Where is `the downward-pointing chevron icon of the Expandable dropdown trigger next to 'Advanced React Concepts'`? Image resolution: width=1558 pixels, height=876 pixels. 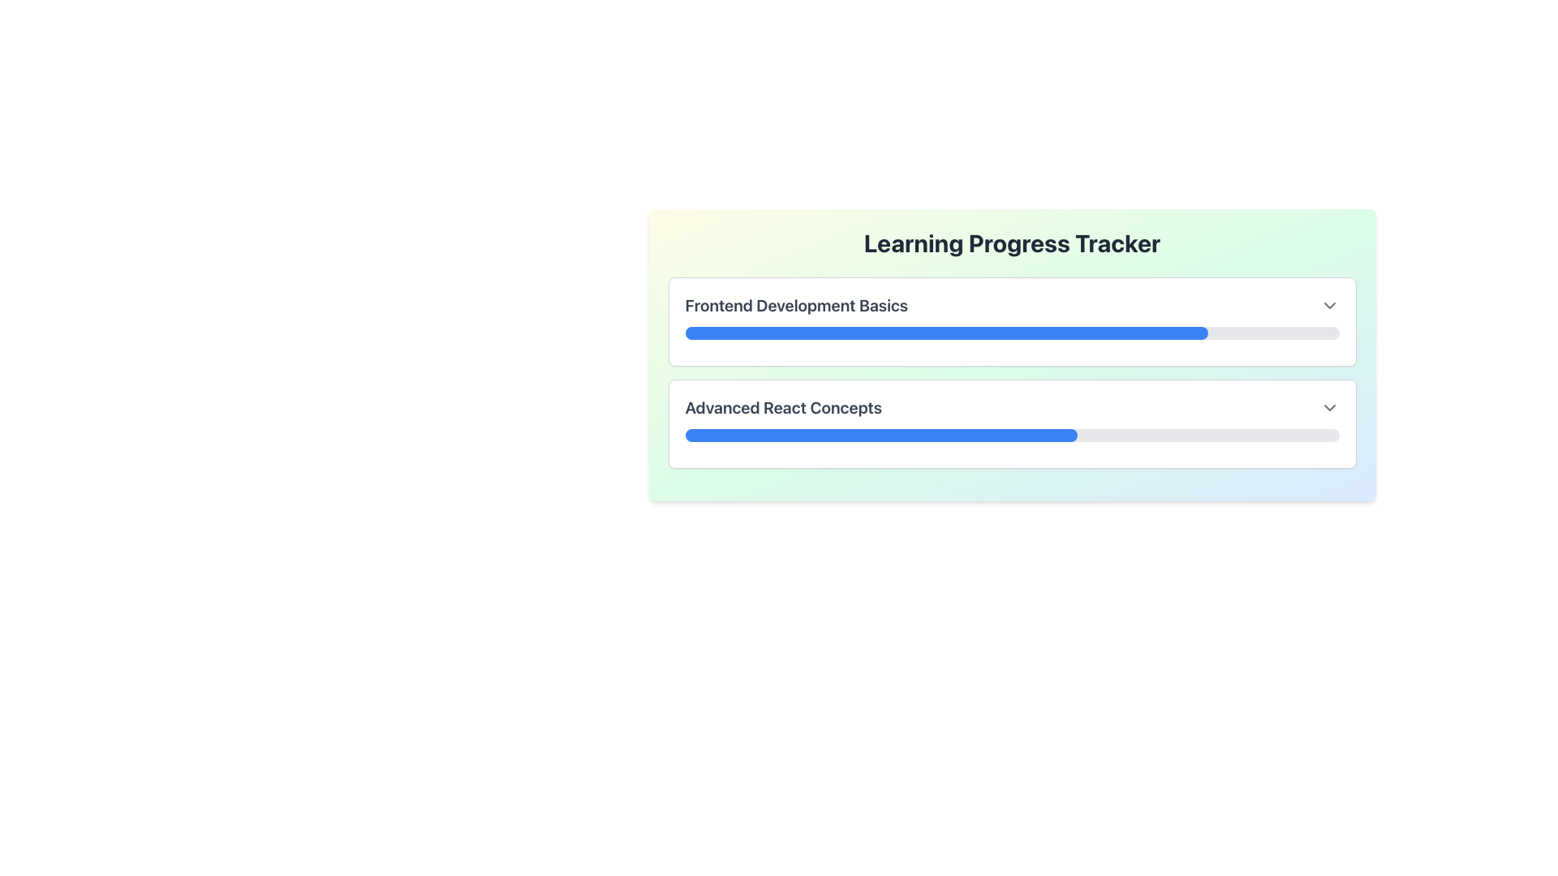
the downward-pointing chevron icon of the Expandable dropdown trigger next to 'Advanced React Concepts' is located at coordinates (1329, 406).